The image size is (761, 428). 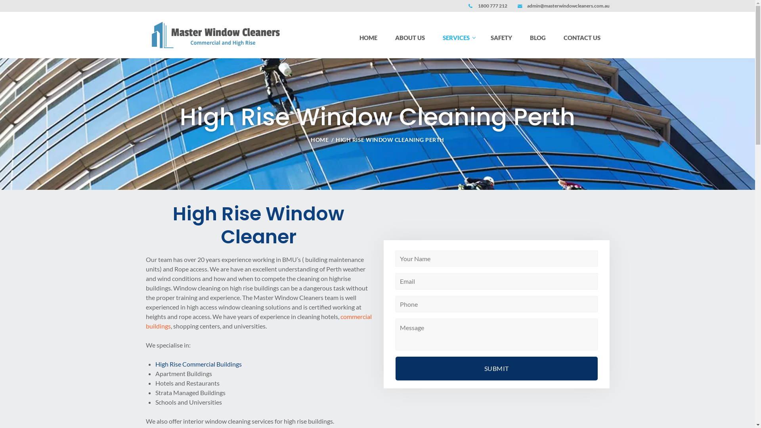 What do you see at coordinates (458, 38) in the screenshot?
I see `'SERVICES'` at bounding box center [458, 38].